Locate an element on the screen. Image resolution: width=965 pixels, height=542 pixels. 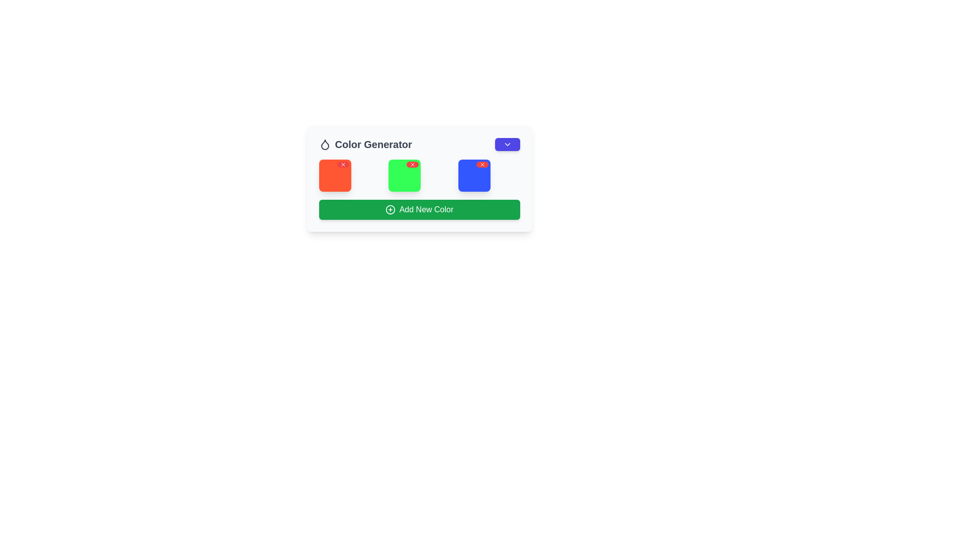
the 'Add Color' button located below the grid of three colored squares by is located at coordinates (419, 209).